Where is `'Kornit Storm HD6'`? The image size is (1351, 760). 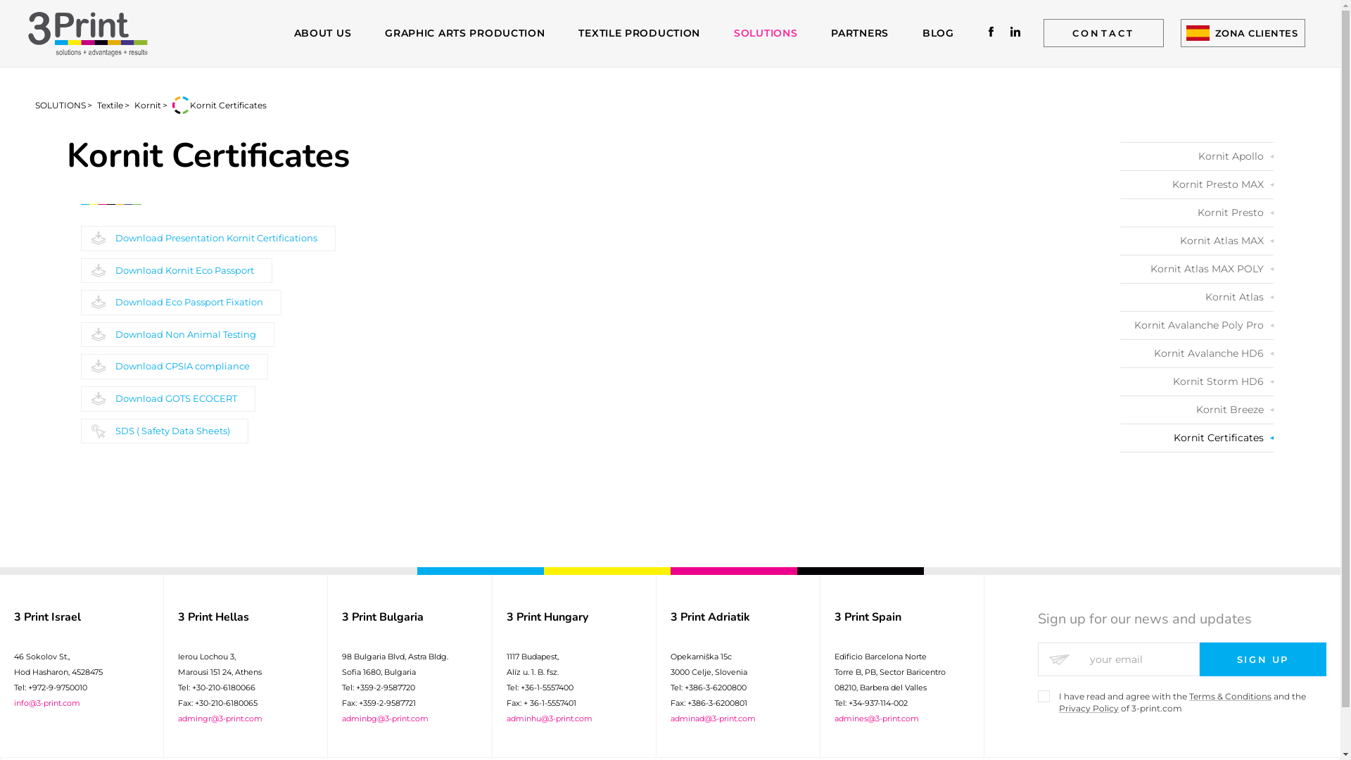 'Kornit Storm HD6' is located at coordinates (1195, 381).